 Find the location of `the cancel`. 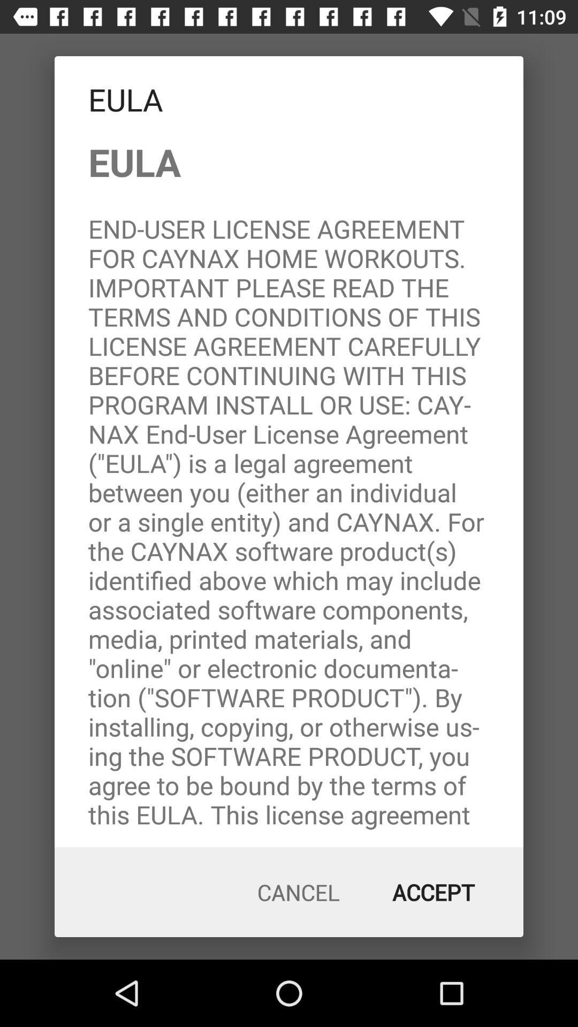

the cancel is located at coordinates (299, 892).